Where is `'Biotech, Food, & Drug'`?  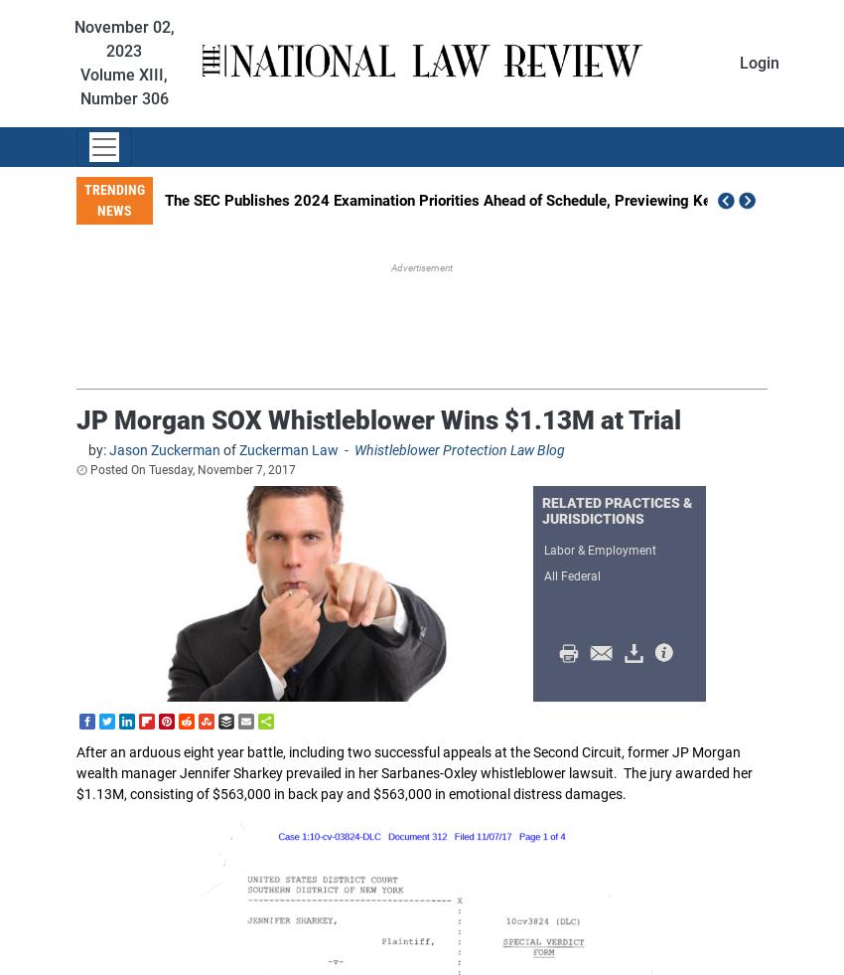 'Biotech, Food, & Drug' is located at coordinates (421, 632).